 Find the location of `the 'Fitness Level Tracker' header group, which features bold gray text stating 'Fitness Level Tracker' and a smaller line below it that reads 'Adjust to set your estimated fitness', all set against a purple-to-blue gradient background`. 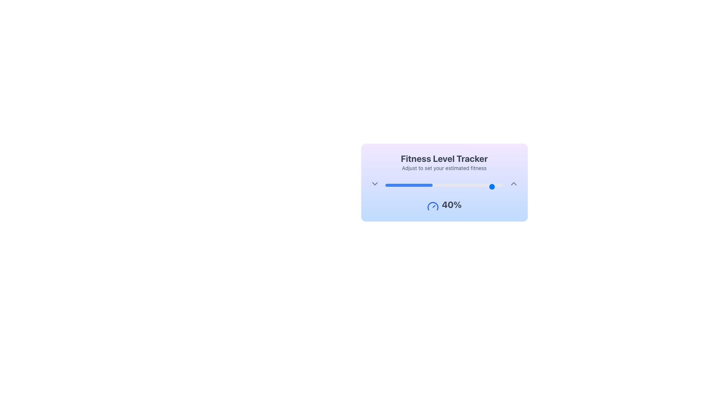

the 'Fitness Level Tracker' header group, which features bold gray text stating 'Fitness Level Tracker' and a smaller line below it that reads 'Adjust to set your estimated fitness', all set against a purple-to-blue gradient background is located at coordinates (444, 162).